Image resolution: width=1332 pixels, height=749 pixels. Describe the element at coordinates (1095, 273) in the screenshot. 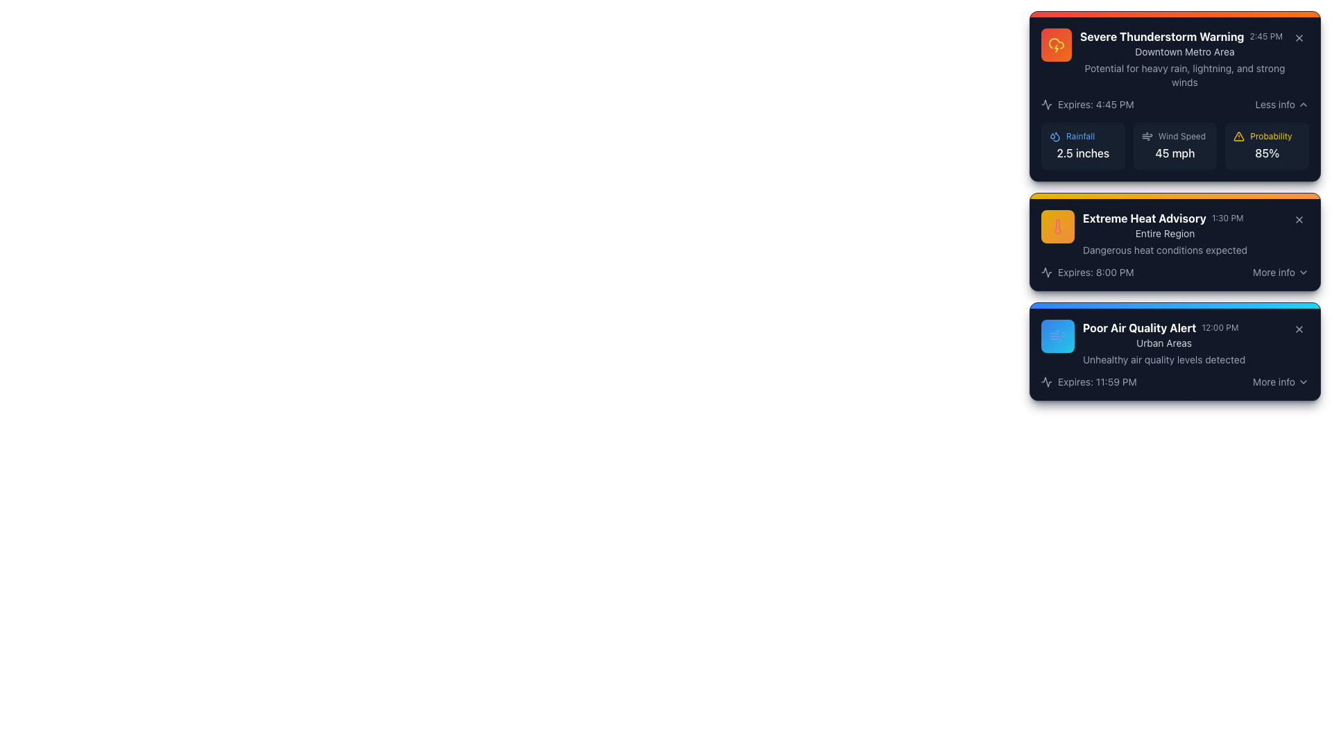

I see `the Static Text Label displaying 'Expires: 8:00 PM' in a bold font, which is located below the 'Extreme Heat Advisory' card` at that location.